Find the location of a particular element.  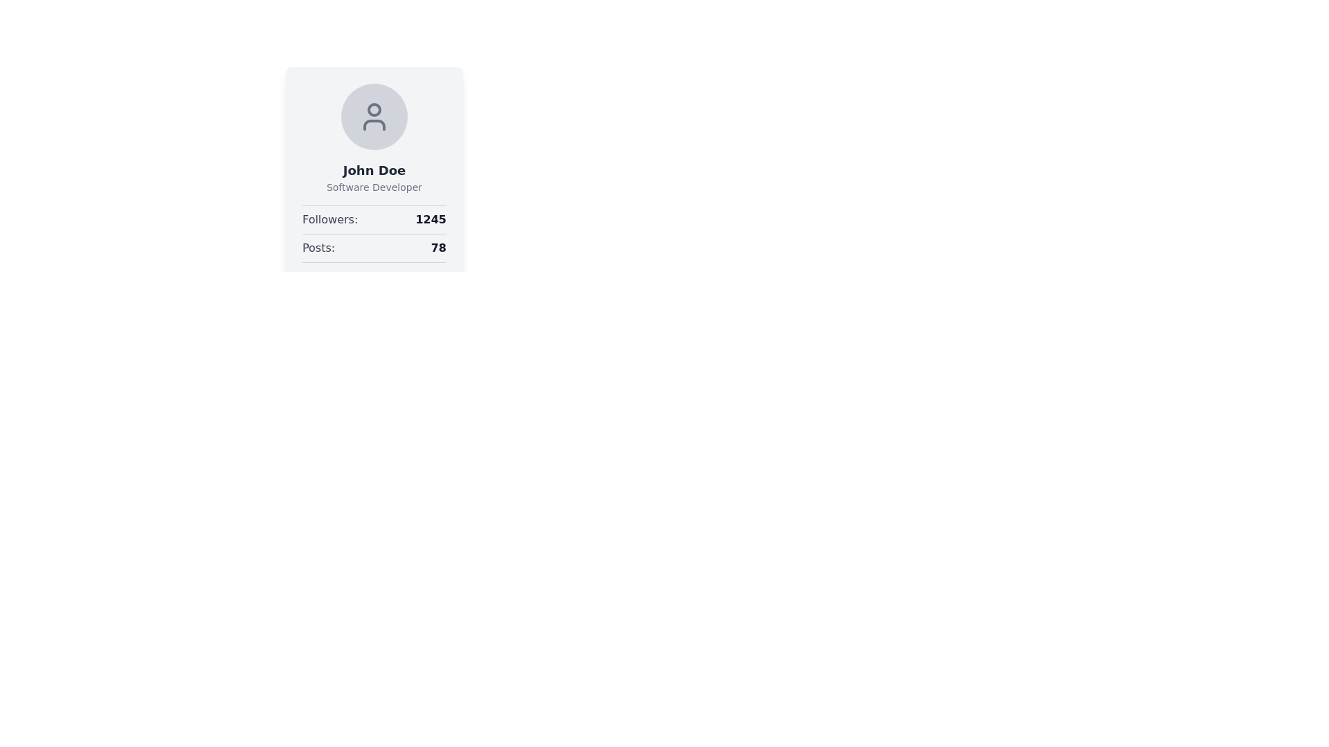

the Text Label that displays the user's name in the user profile section, located below the circular avatar and above the 'Software Developer' text is located at coordinates (374, 169).